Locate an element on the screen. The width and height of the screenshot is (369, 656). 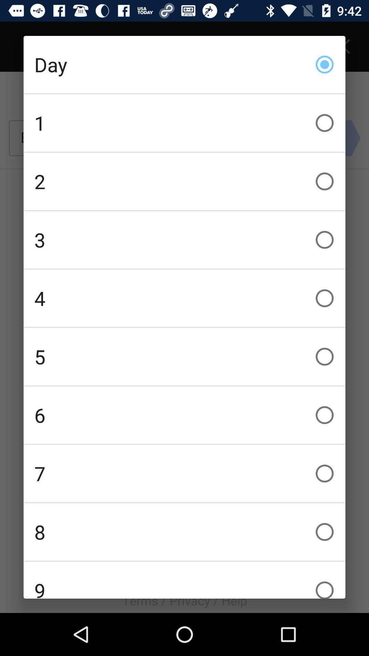
9 icon is located at coordinates (184, 580).